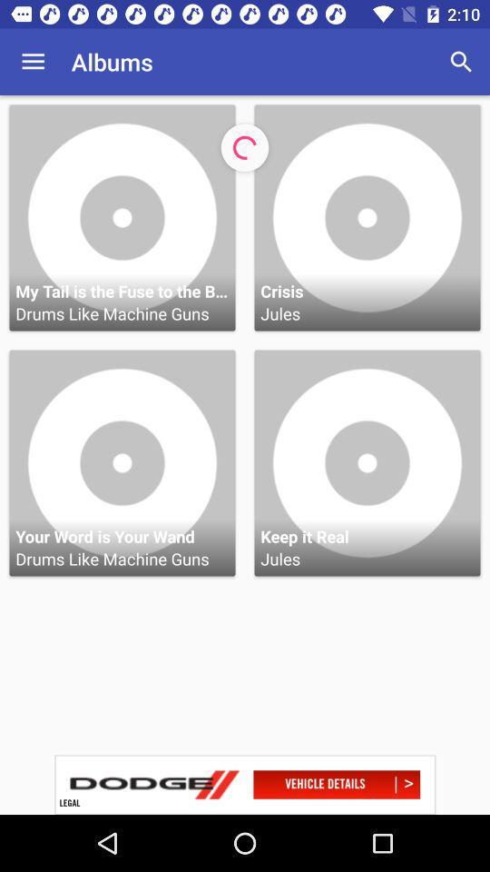  Describe the element at coordinates (245, 784) in the screenshot. I see `link button` at that location.